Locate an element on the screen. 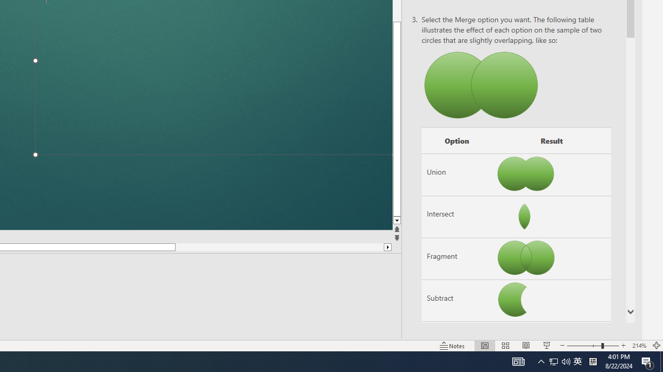 The image size is (663, 372). 'Zoom 214%' is located at coordinates (639, 346).